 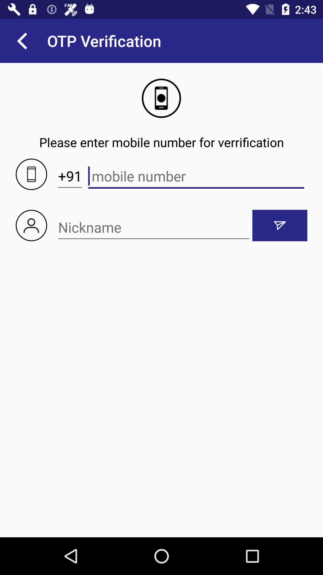 I want to click on +91 icon, so click(x=70, y=176).